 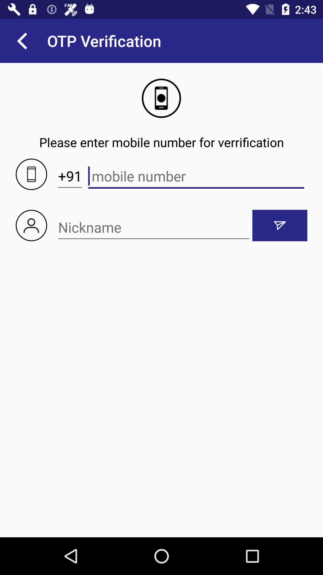 I want to click on +91 icon, so click(x=70, y=176).